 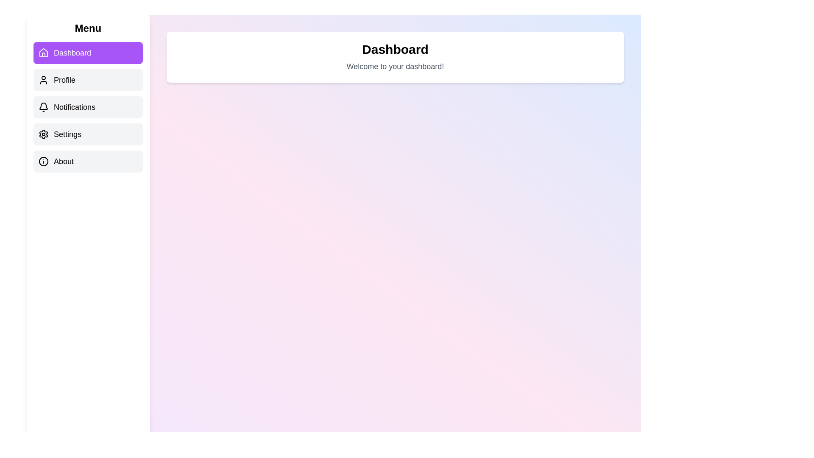 I want to click on the menu item Settings to observe its hover effect, so click(x=88, y=134).